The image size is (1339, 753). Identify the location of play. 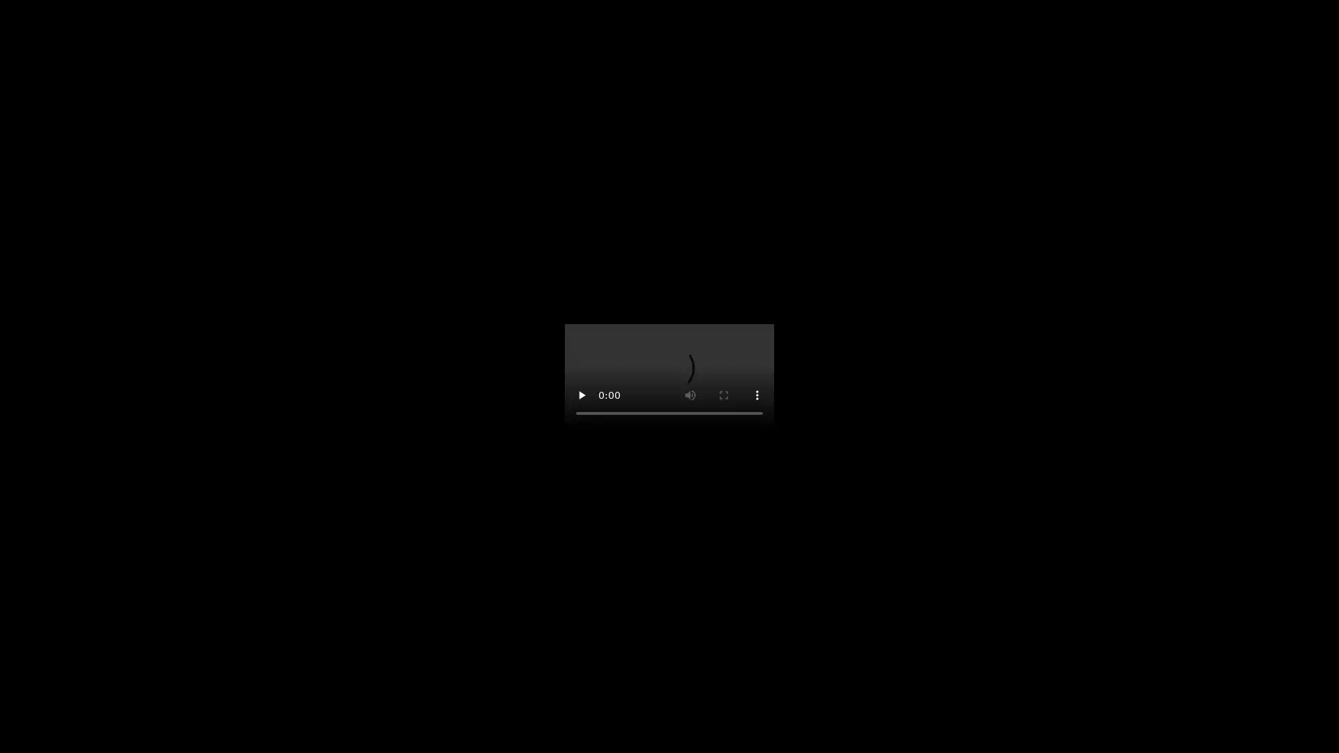
(582, 395).